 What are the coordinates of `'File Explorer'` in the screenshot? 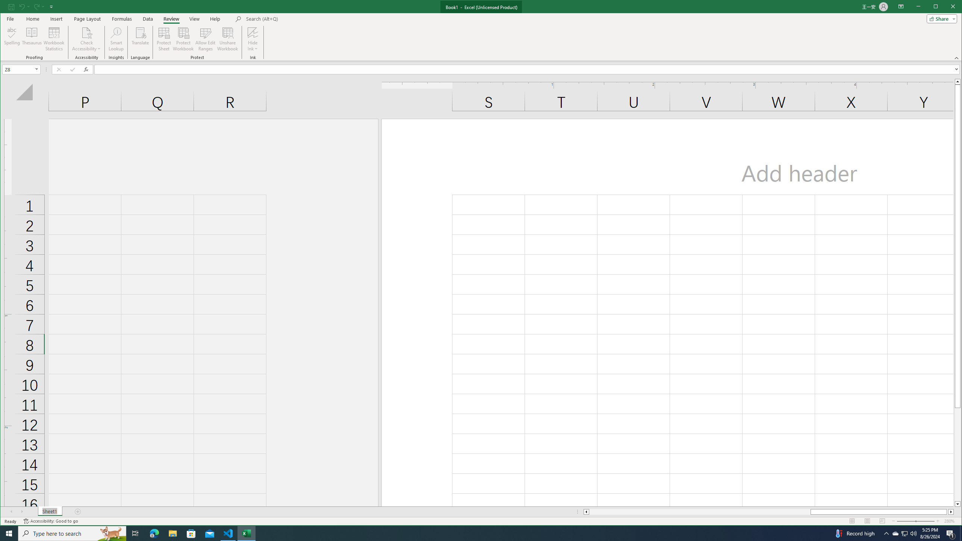 It's located at (172, 533).